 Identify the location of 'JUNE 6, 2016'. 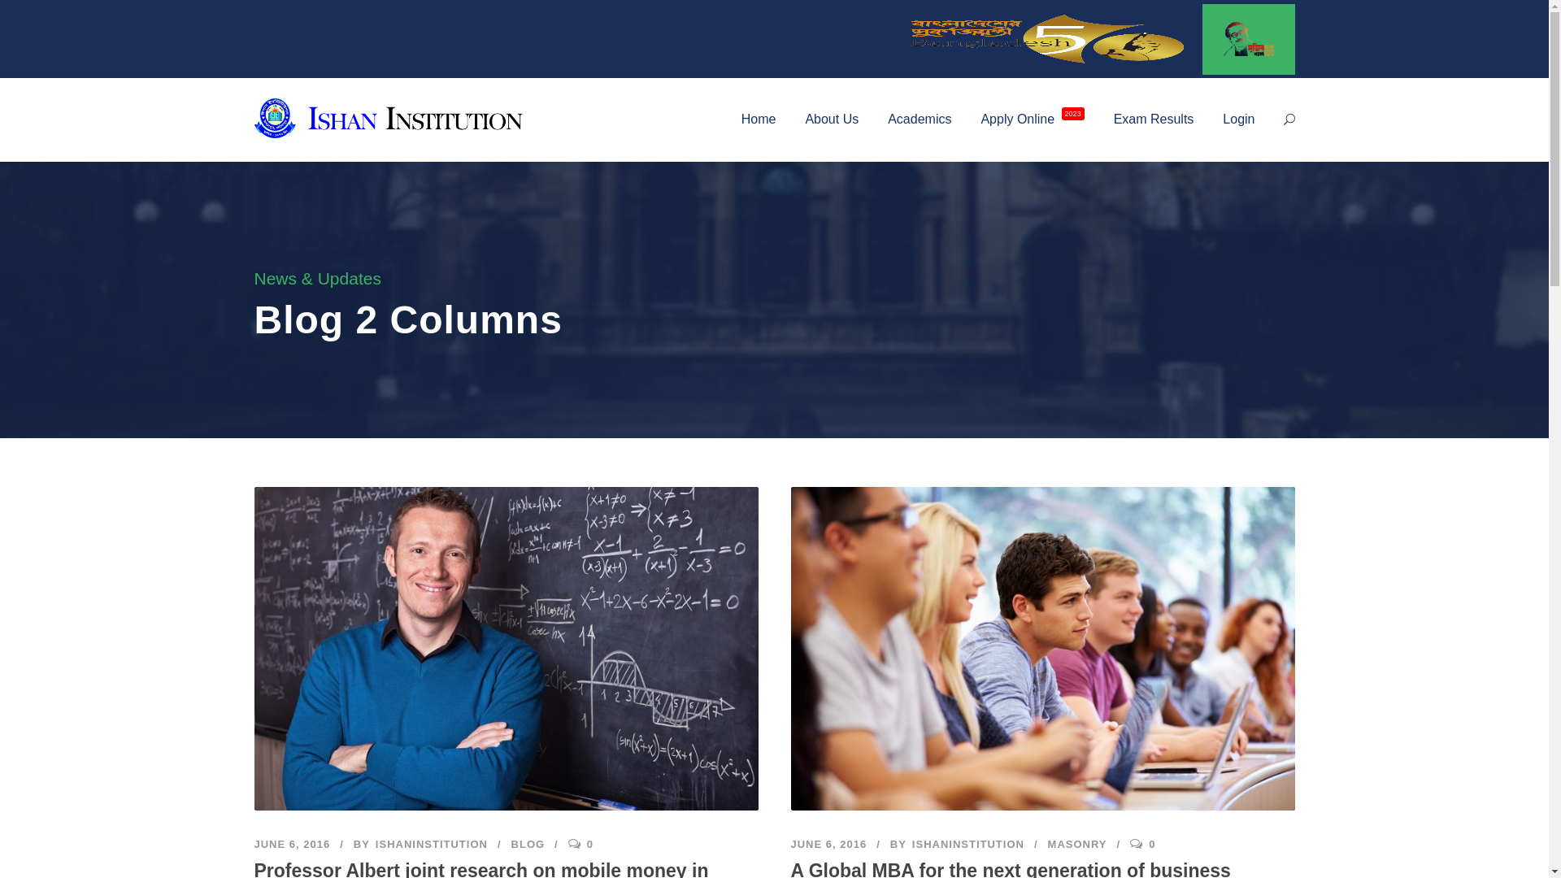
(828, 843).